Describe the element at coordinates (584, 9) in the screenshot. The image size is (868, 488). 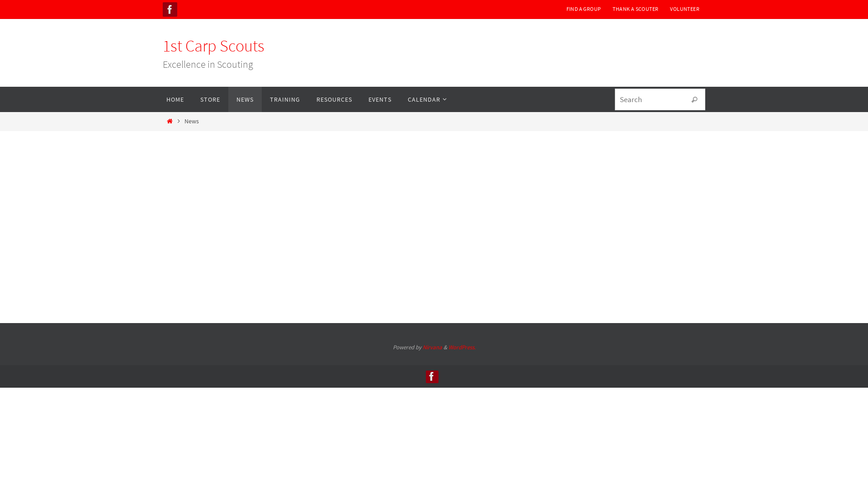
I see `'FIND A GROUP'` at that location.